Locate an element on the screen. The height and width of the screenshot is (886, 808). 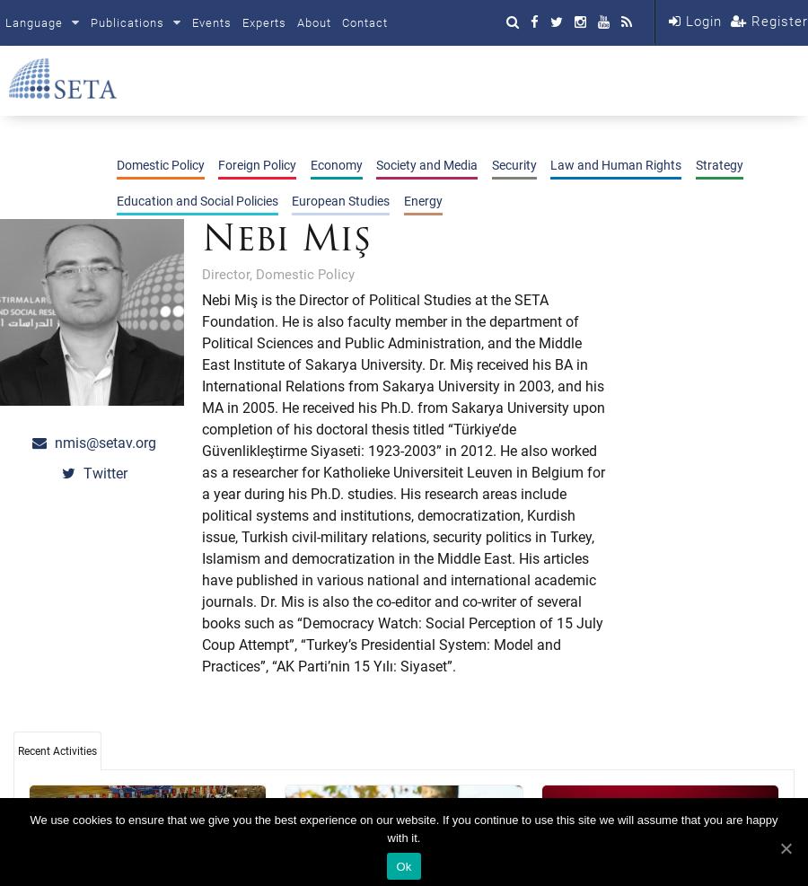
'Recent Activities' is located at coordinates (56, 750).